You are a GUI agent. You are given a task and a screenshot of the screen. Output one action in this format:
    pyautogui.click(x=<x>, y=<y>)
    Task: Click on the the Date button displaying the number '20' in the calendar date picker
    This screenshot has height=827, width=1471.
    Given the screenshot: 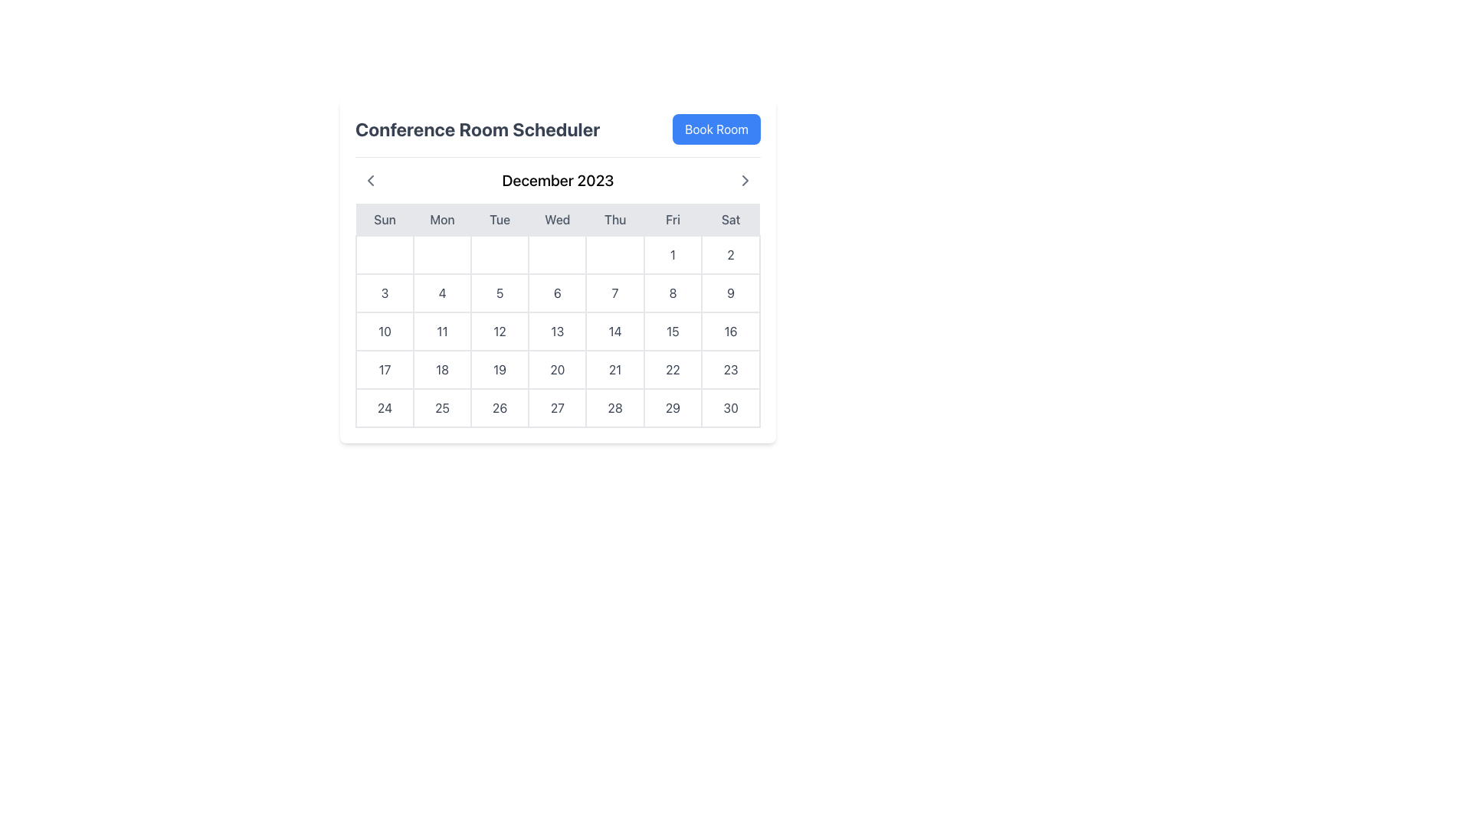 What is the action you would take?
    pyautogui.click(x=556, y=369)
    